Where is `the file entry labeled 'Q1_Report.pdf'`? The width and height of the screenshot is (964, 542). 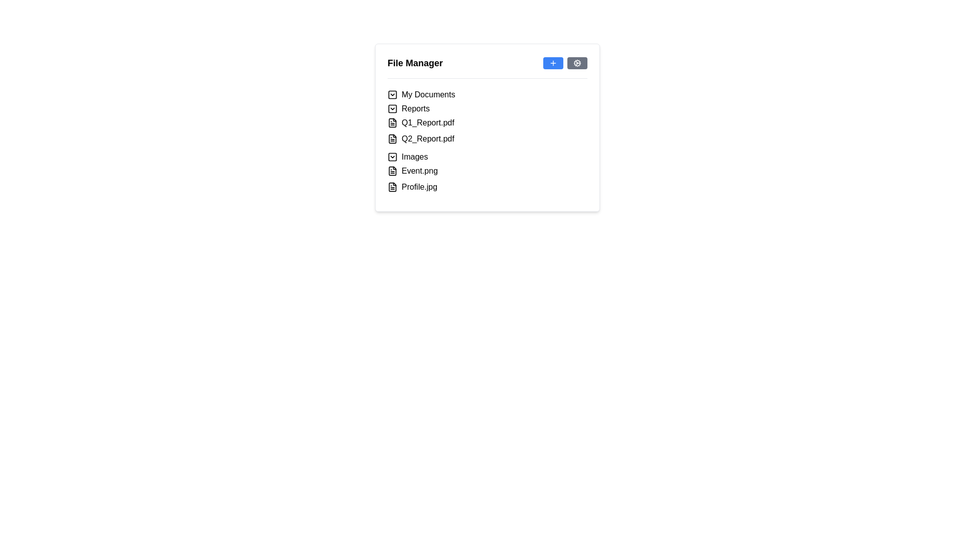
the file entry labeled 'Q1_Report.pdf' is located at coordinates (487, 122).